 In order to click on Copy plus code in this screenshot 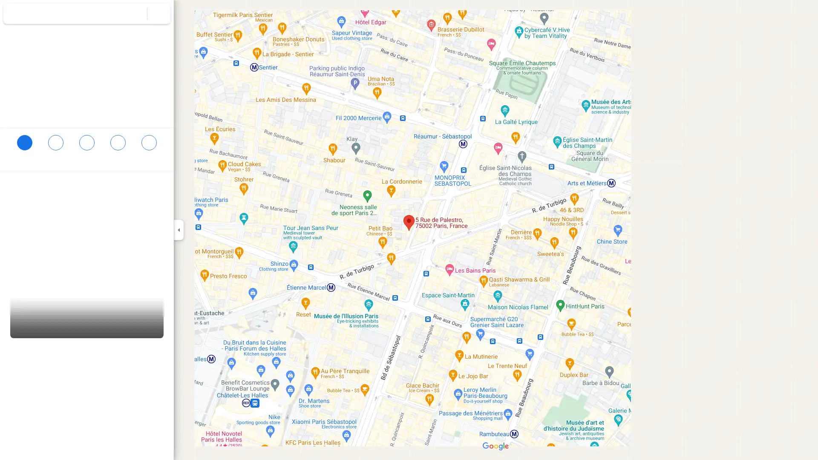, I will do `click(140, 204)`.